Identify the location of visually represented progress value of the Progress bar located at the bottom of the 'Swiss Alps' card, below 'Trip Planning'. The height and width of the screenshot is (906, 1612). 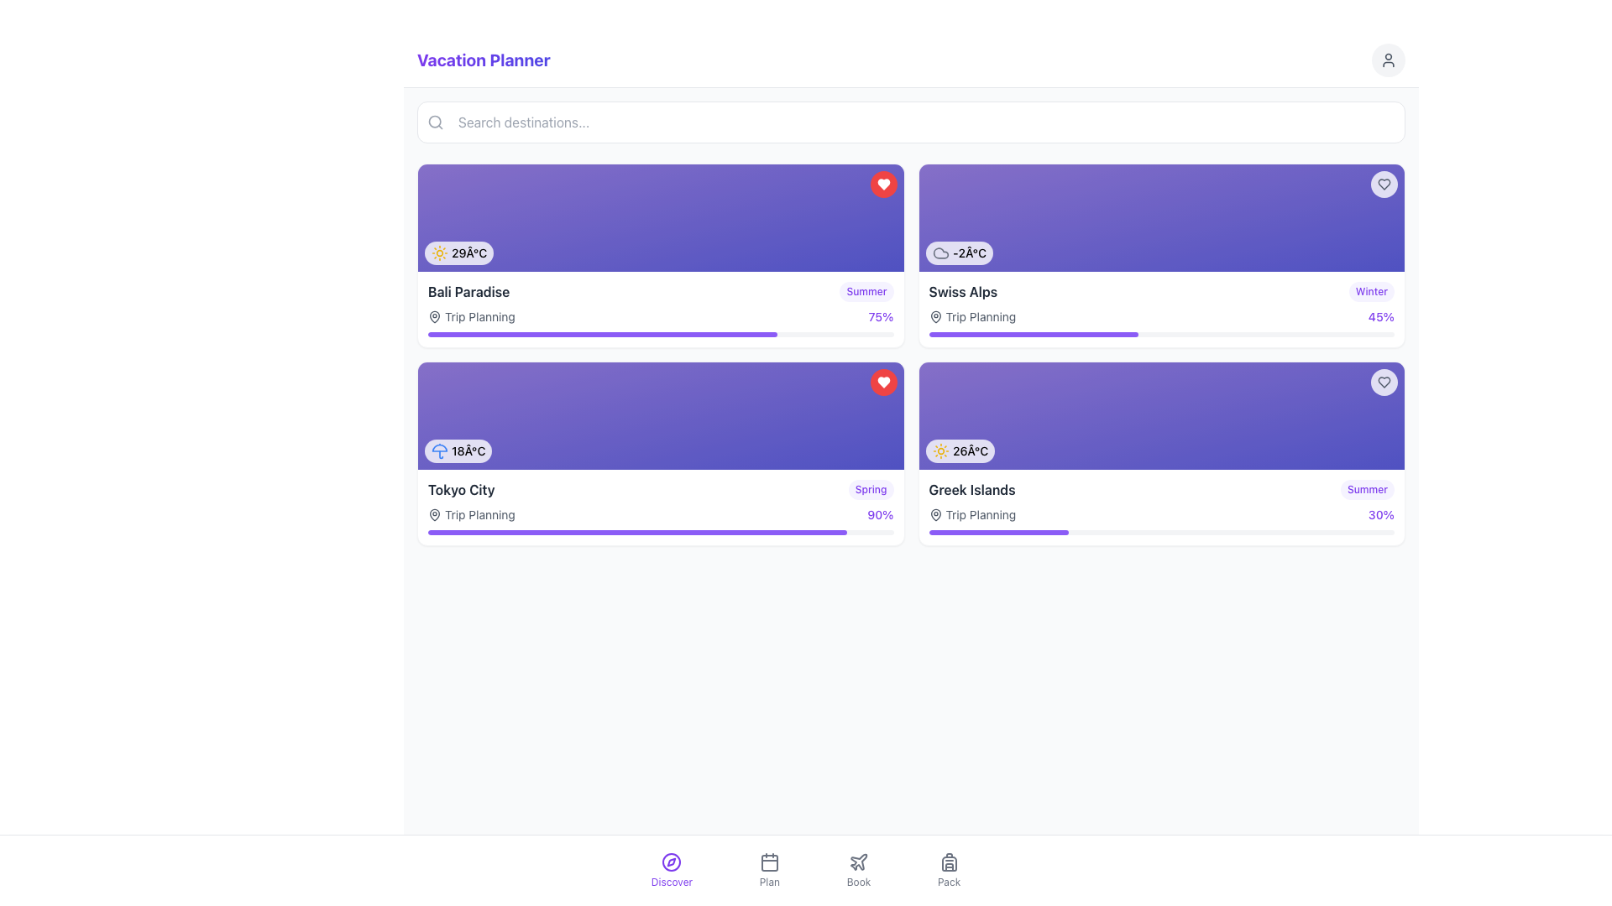
(1160, 334).